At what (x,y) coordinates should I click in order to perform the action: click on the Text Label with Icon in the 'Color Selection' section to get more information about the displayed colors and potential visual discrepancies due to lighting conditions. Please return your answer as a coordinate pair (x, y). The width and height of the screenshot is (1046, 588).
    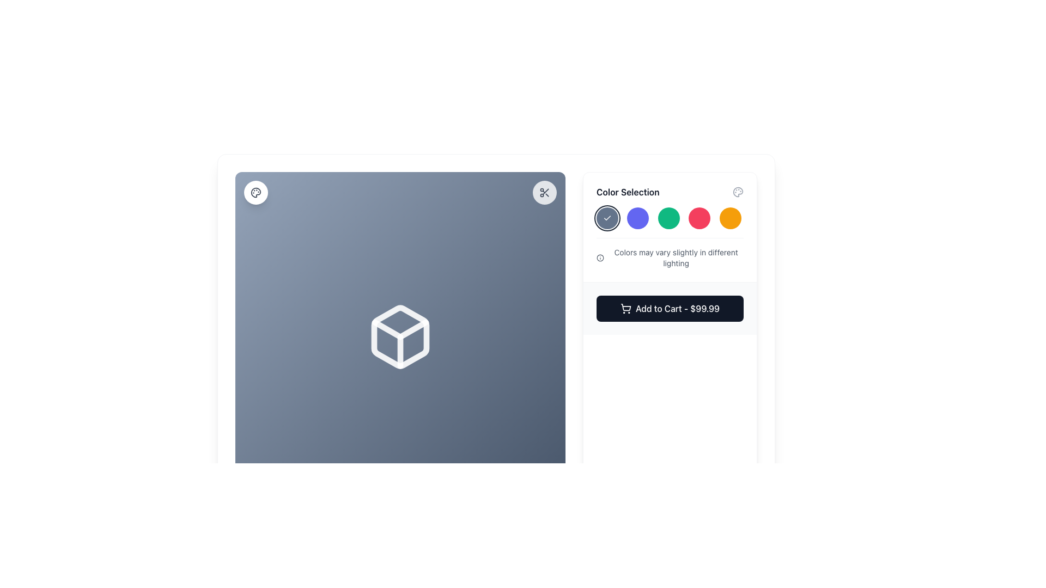
    Looking at the image, I should click on (669, 258).